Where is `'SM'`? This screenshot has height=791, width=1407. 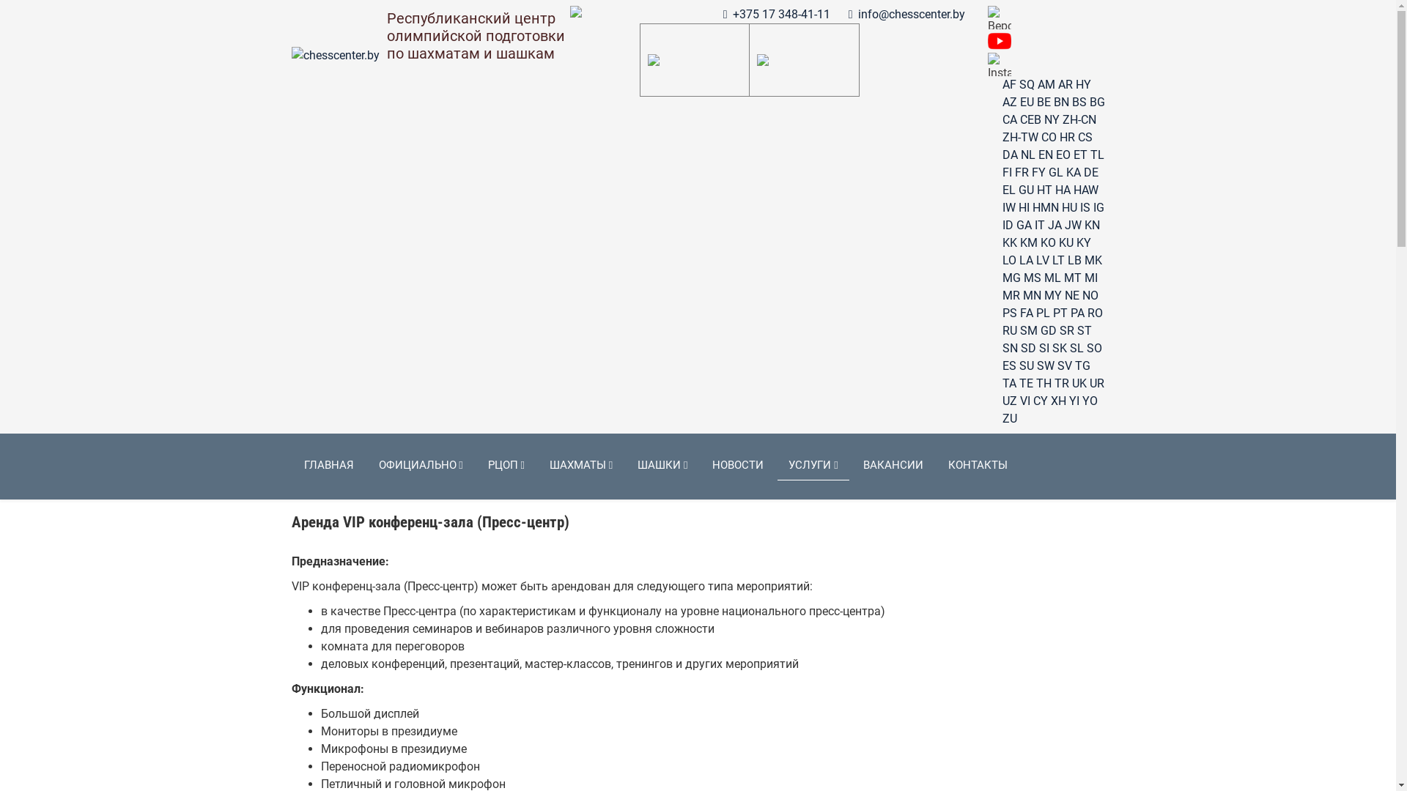
'SM' is located at coordinates (1027, 330).